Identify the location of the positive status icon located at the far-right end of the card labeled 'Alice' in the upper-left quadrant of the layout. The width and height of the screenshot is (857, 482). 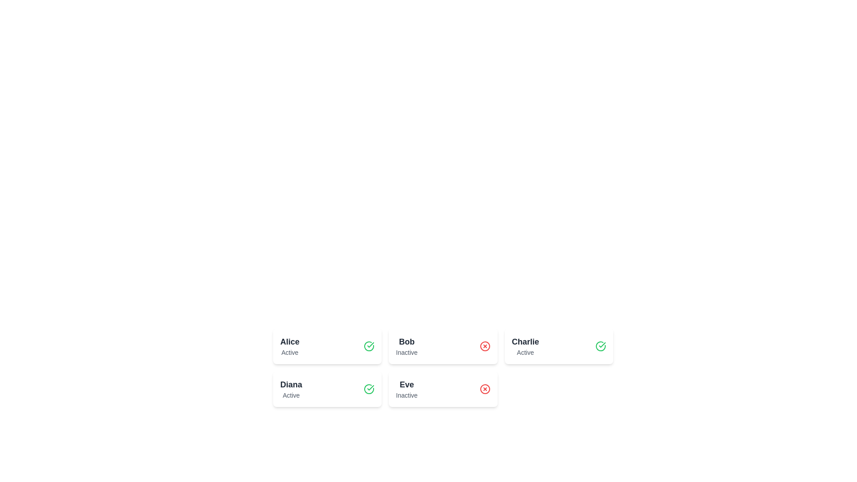
(369, 345).